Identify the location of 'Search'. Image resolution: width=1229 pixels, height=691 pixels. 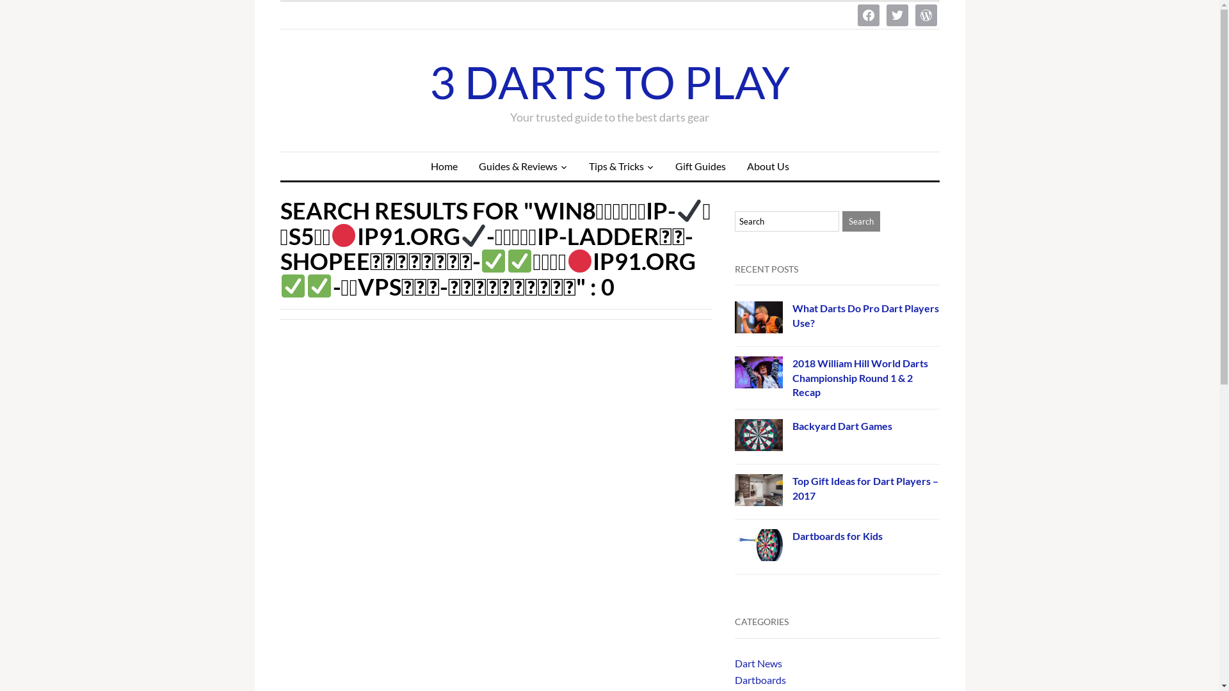
(861, 221).